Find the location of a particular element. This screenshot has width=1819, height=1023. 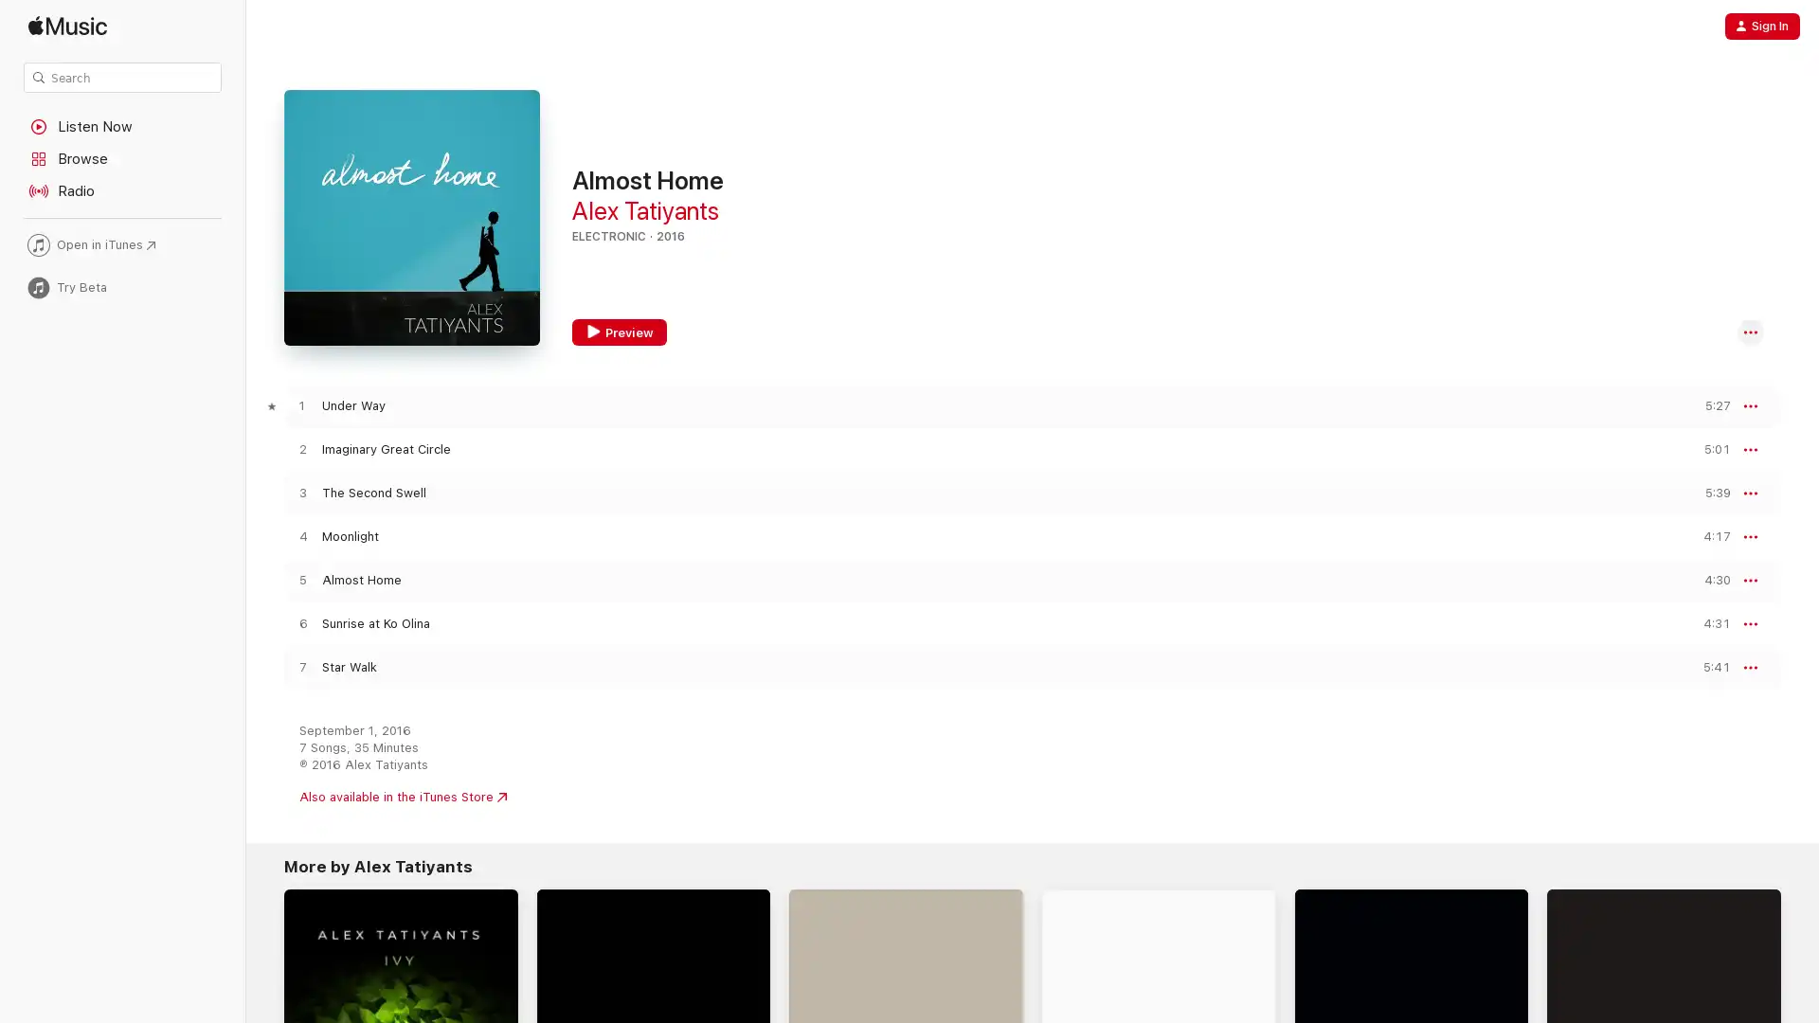

More is located at coordinates (1750, 580).